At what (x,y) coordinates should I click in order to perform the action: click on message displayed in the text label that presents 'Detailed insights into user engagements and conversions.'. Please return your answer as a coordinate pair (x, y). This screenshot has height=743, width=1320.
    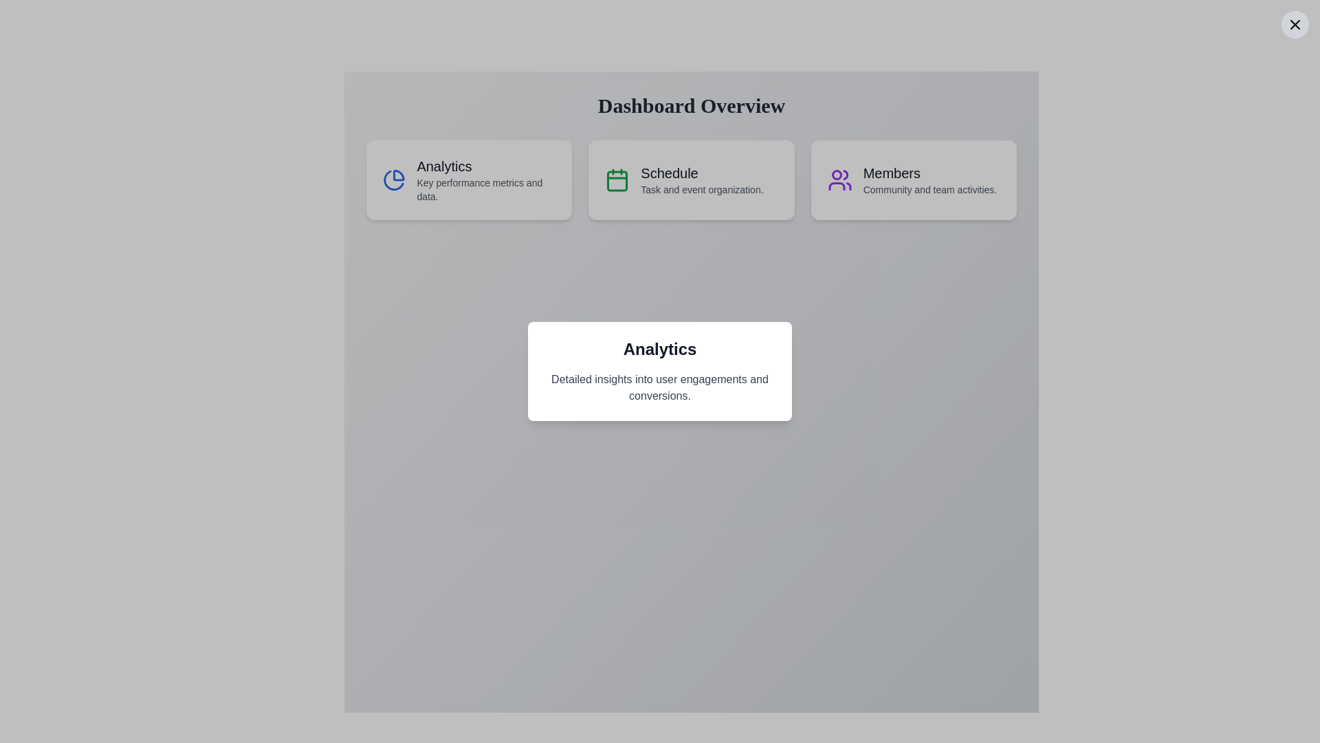
    Looking at the image, I should click on (660, 387).